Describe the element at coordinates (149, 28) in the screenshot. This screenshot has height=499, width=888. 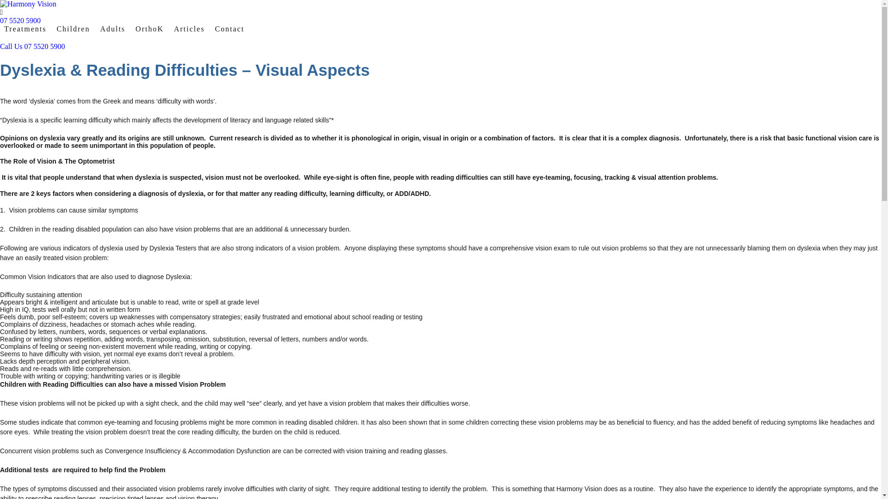
I see `'OrthoK'` at that location.